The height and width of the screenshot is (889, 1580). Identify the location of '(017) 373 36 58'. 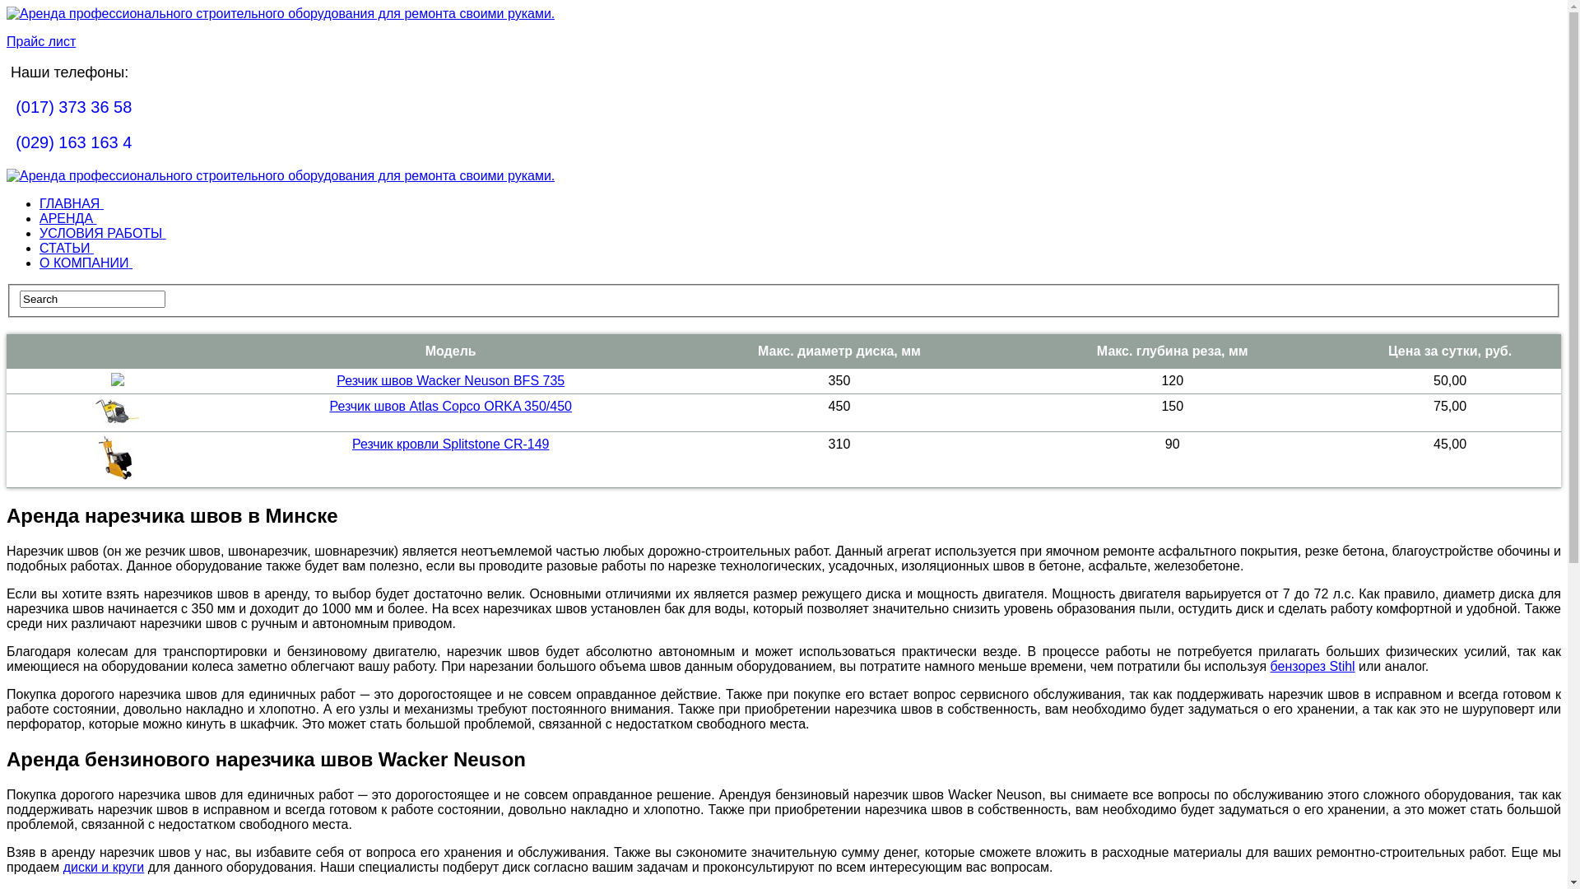
(72, 107).